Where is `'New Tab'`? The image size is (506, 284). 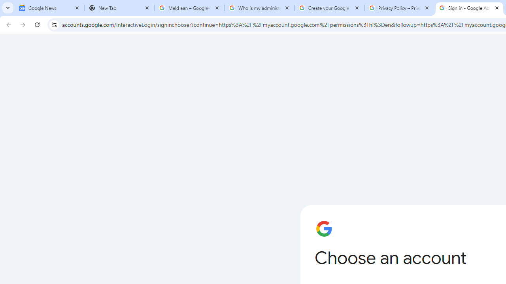
'New Tab' is located at coordinates (119, 8).